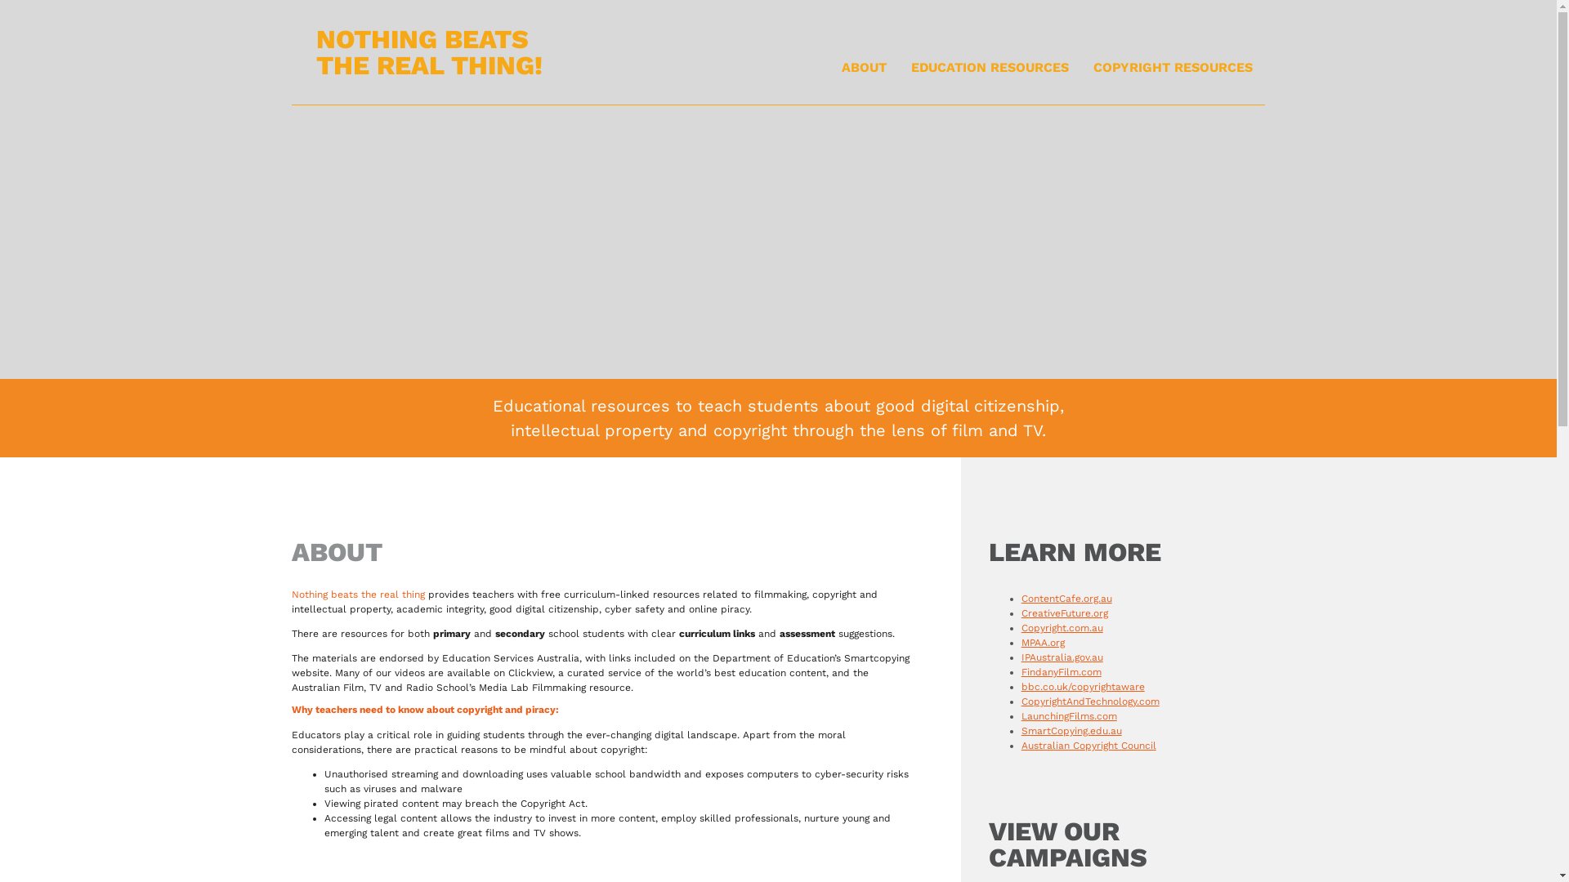 Image resolution: width=1569 pixels, height=882 pixels. What do you see at coordinates (1172, 67) in the screenshot?
I see `'COPYRIGHT RESOURCES'` at bounding box center [1172, 67].